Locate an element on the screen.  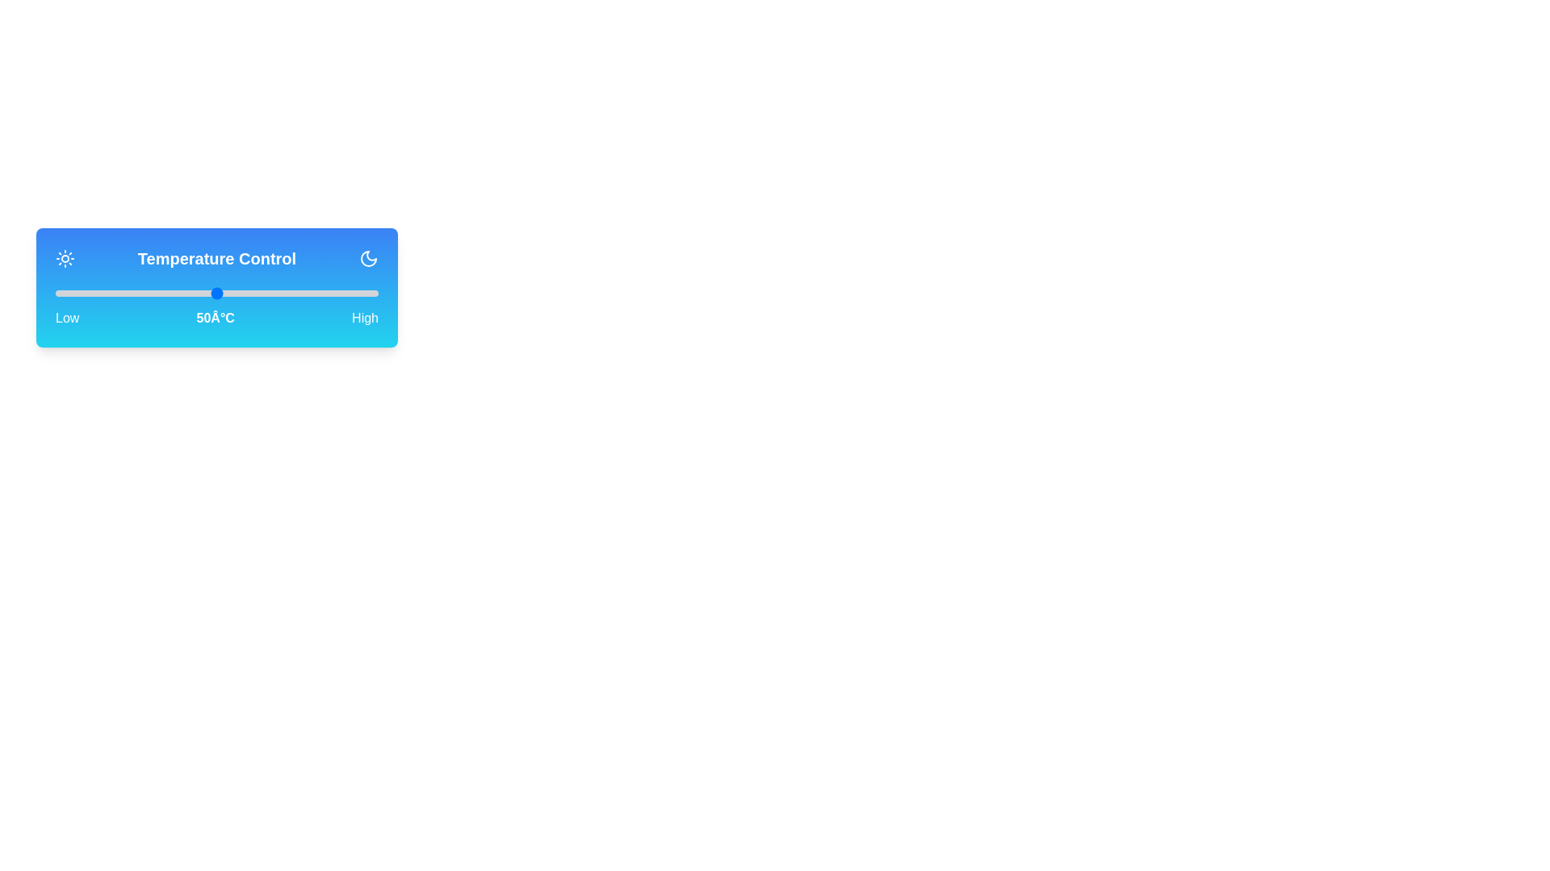
the temperature to 5°C by moving the slider is located at coordinates (71, 293).